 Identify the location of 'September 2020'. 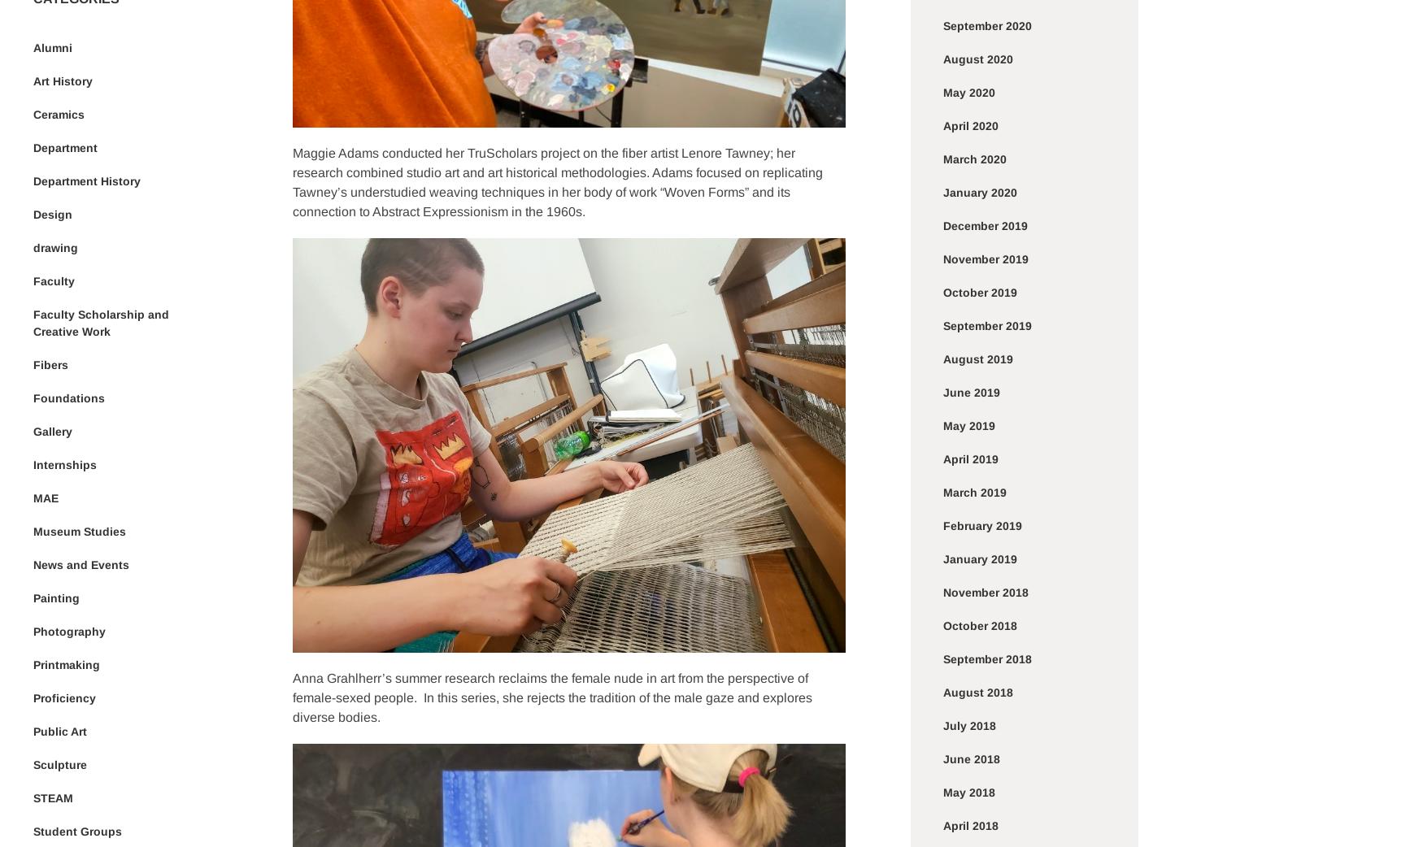
(942, 24).